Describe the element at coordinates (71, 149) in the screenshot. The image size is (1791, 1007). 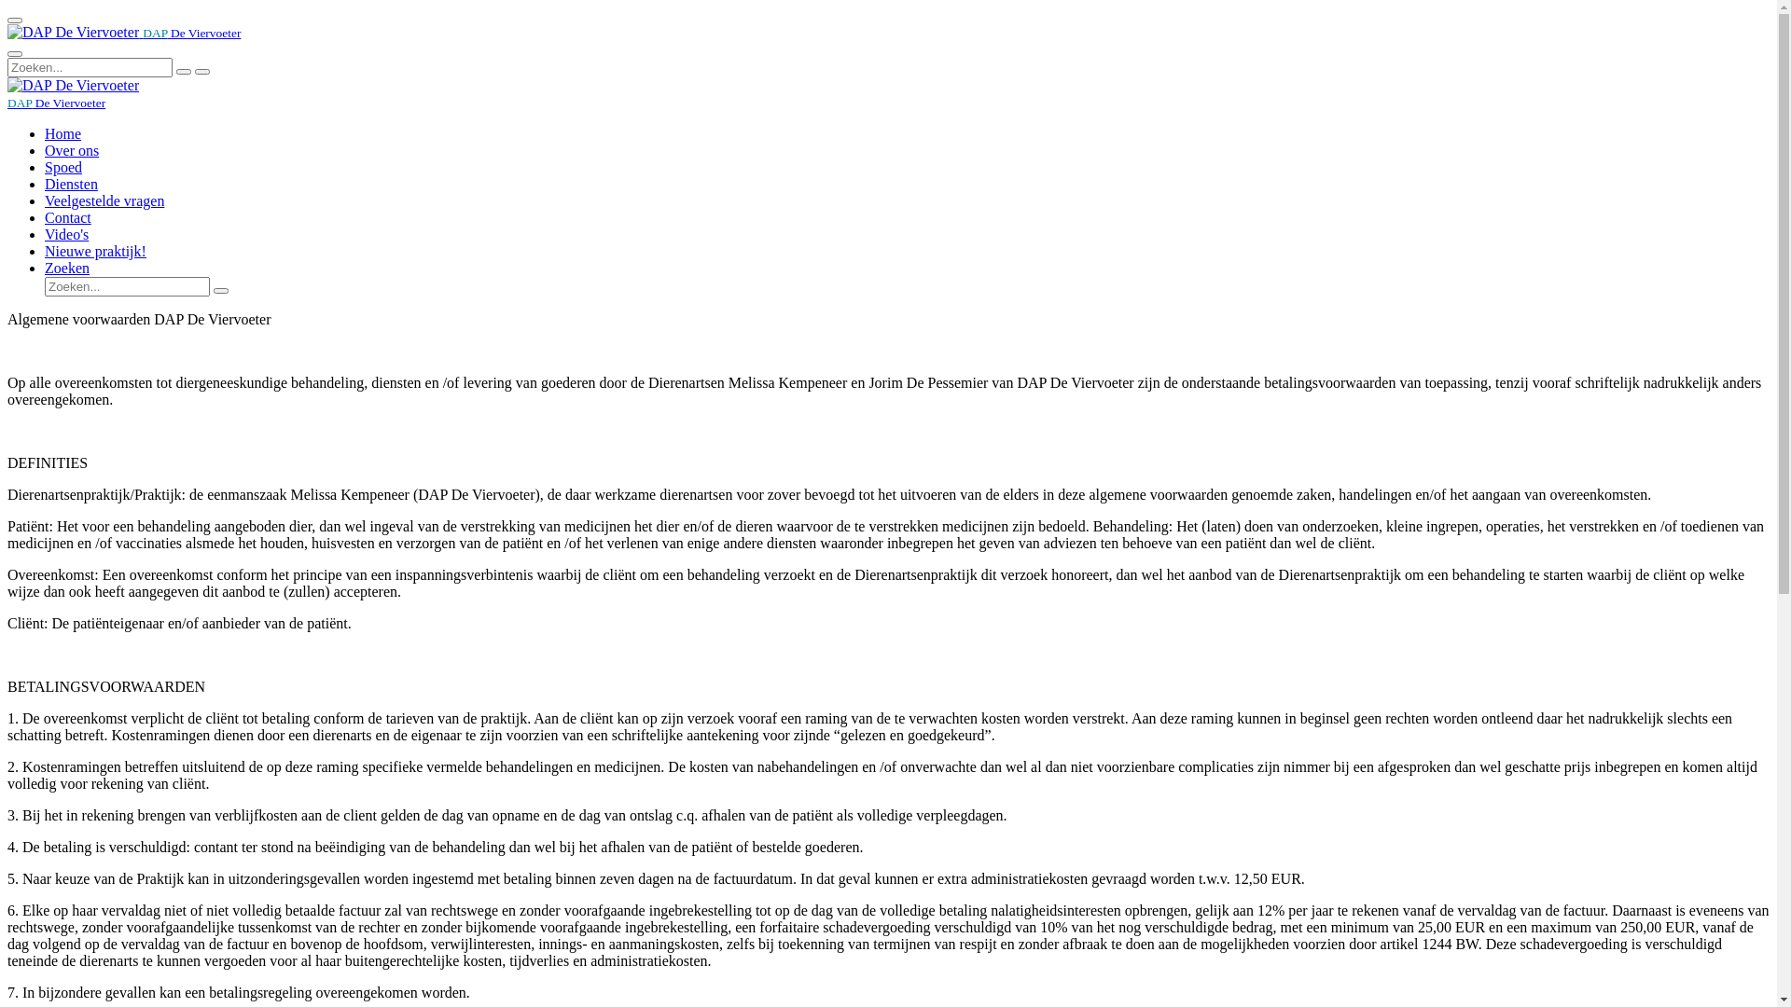
I see `'Over ons'` at that location.